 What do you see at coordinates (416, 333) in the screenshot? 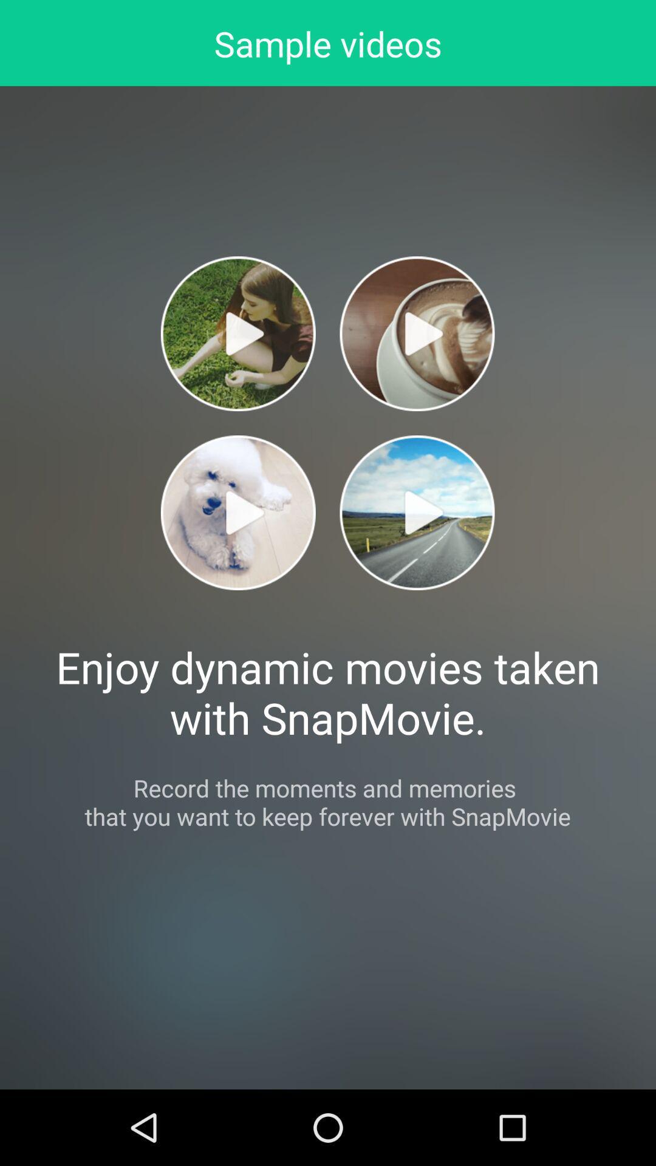
I see `video` at bounding box center [416, 333].